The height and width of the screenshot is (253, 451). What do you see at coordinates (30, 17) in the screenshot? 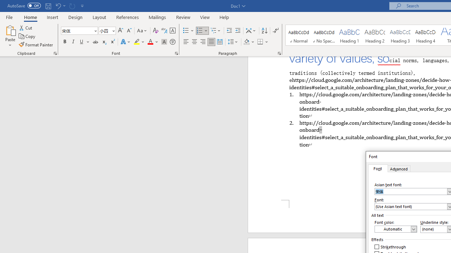
I see `'Home'` at bounding box center [30, 17].